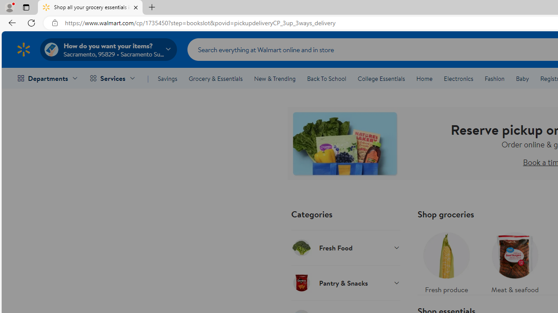 The image size is (558, 313). Describe the element at coordinates (345, 283) in the screenshot. I see `'Pantry & Snacks'` at that location.